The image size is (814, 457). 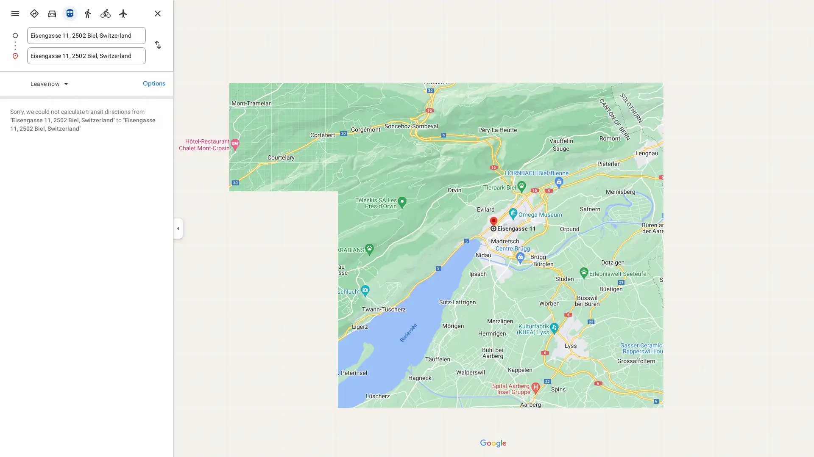 I want to click on Search, so click(x=180, y=55).